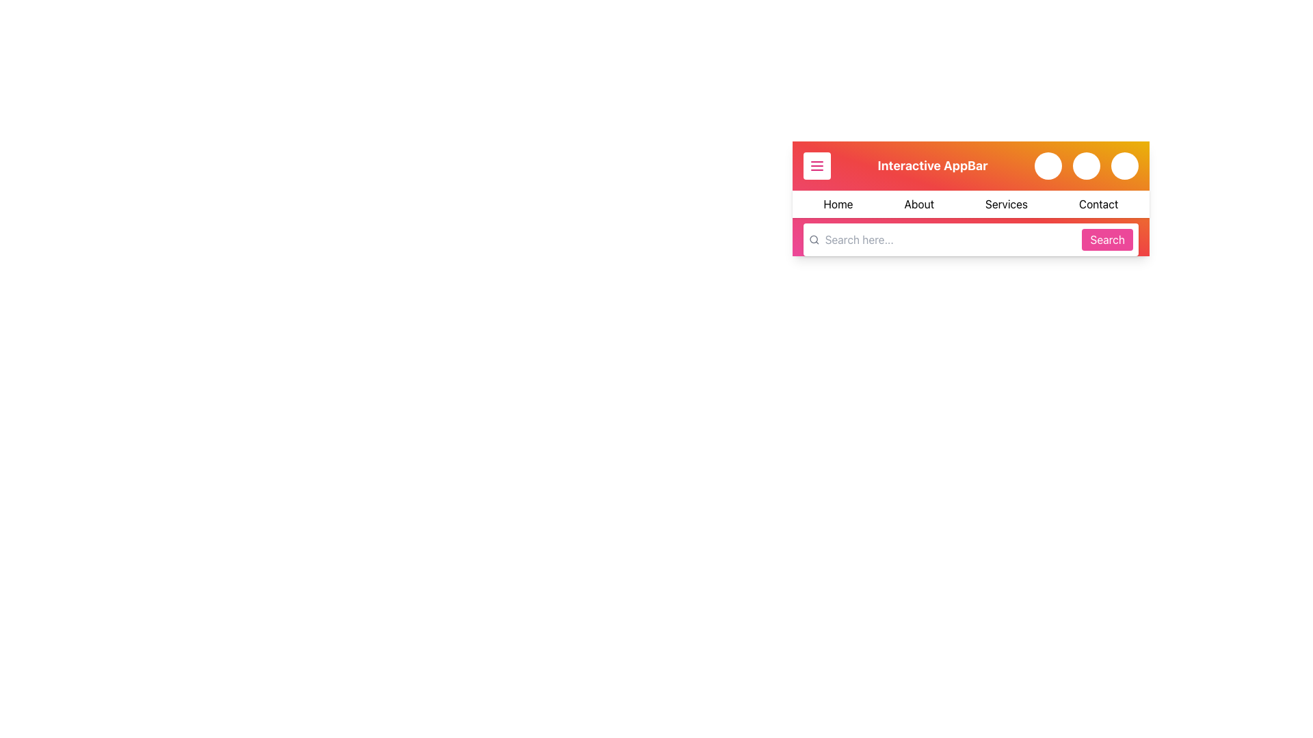  What do you see at coordinates (1007, 204) in the screenshot?
I see `the 'Services' navigation label, which is the third item in a horizontal navigation bar` at bounding box center [1007, 204].